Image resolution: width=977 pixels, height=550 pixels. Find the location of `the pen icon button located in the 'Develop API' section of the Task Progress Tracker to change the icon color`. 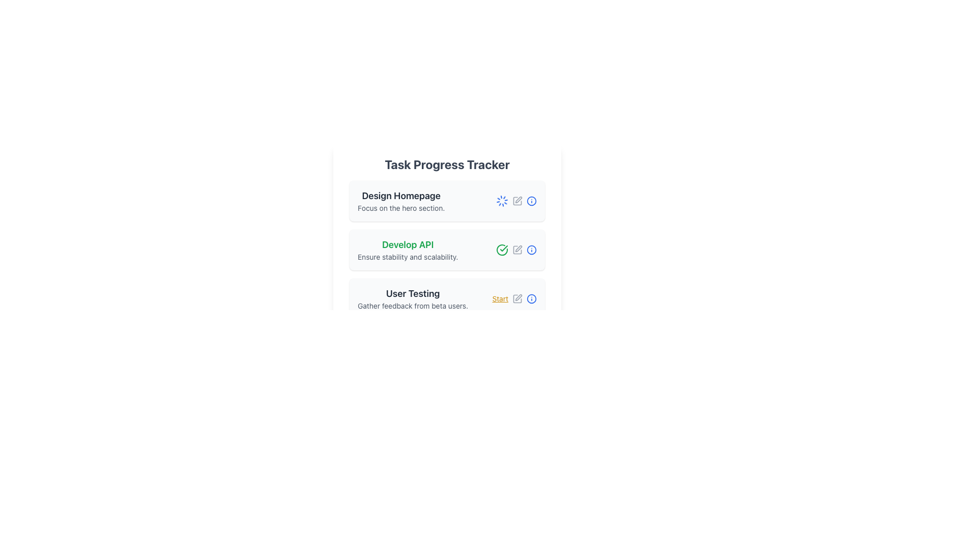

the pen icon button located in the 'Develop API' section of the Task Progress Tracker to change the icon color is located at coordinates (518, 250).